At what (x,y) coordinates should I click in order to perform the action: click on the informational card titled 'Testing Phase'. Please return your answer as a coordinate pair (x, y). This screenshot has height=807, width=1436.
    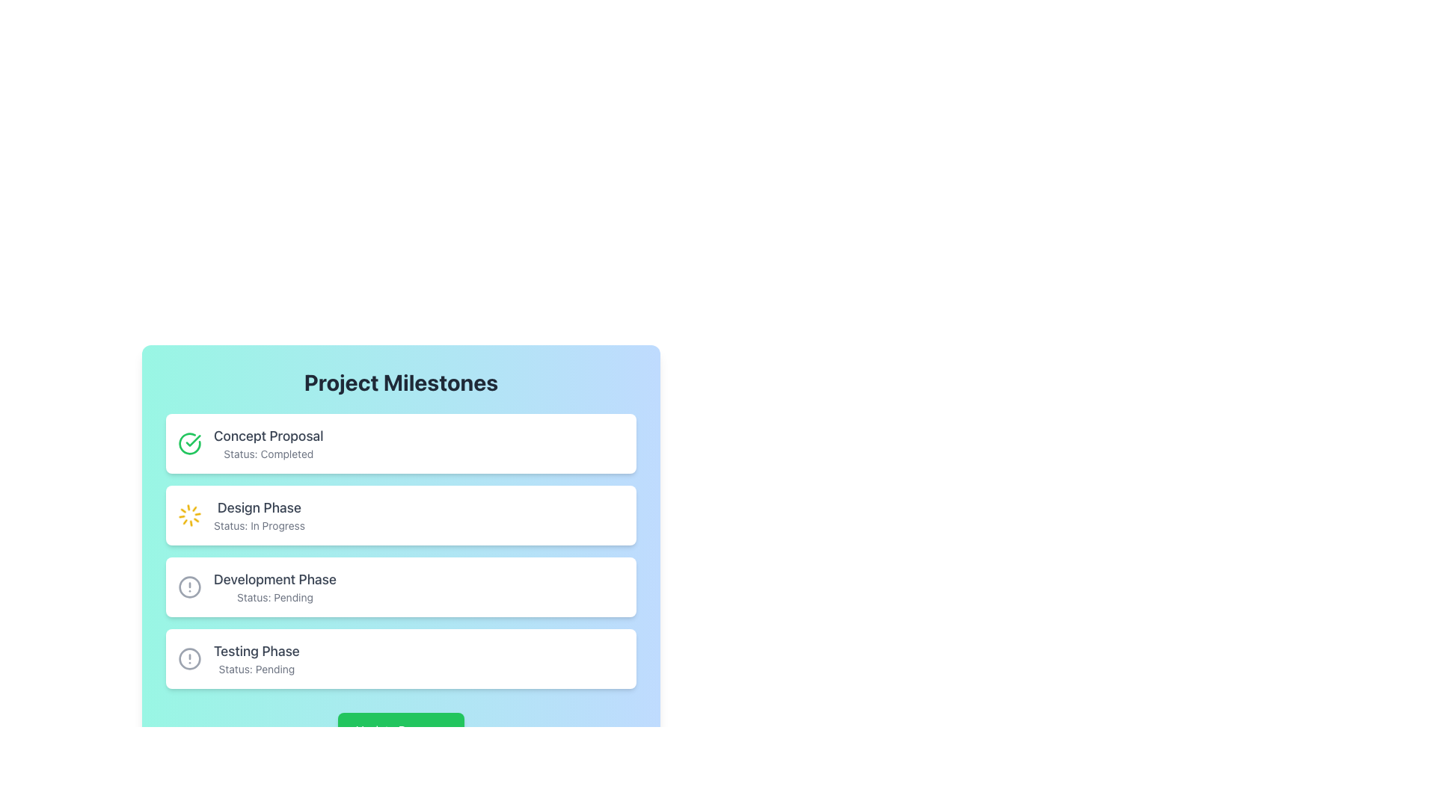
    Looking at the image, I should click on (401, 658).